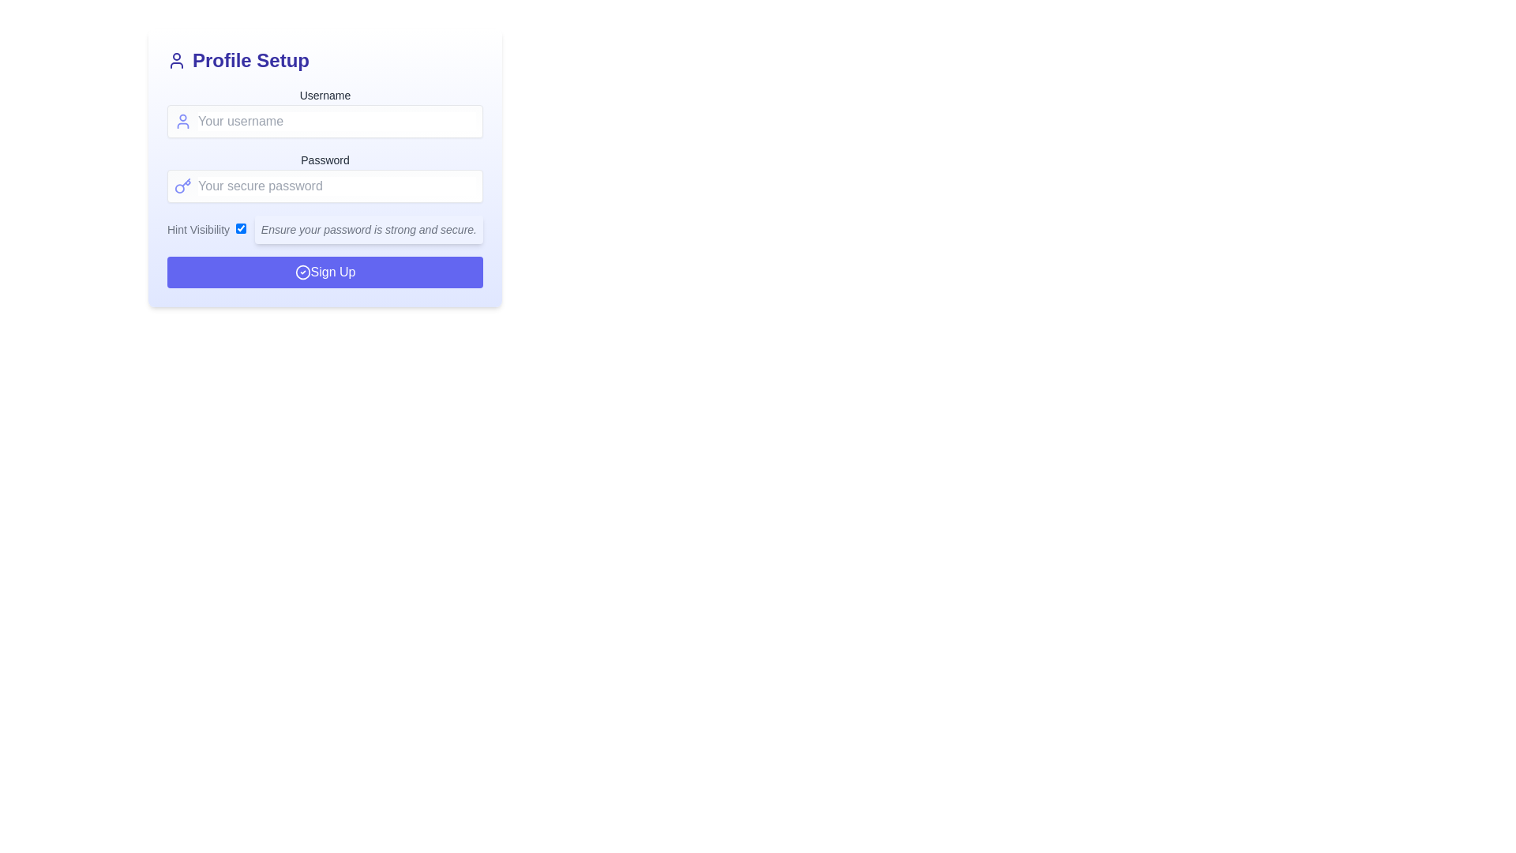 The height and width of the screenshot is (853, 1516). What do you see at coordinates (368, 229) in the screenshot?
I see `the informational text box that provides hints for creating a secure password, located beneath the 'Hint Visibility' label and checkbox` at bounding box center [368, 229].